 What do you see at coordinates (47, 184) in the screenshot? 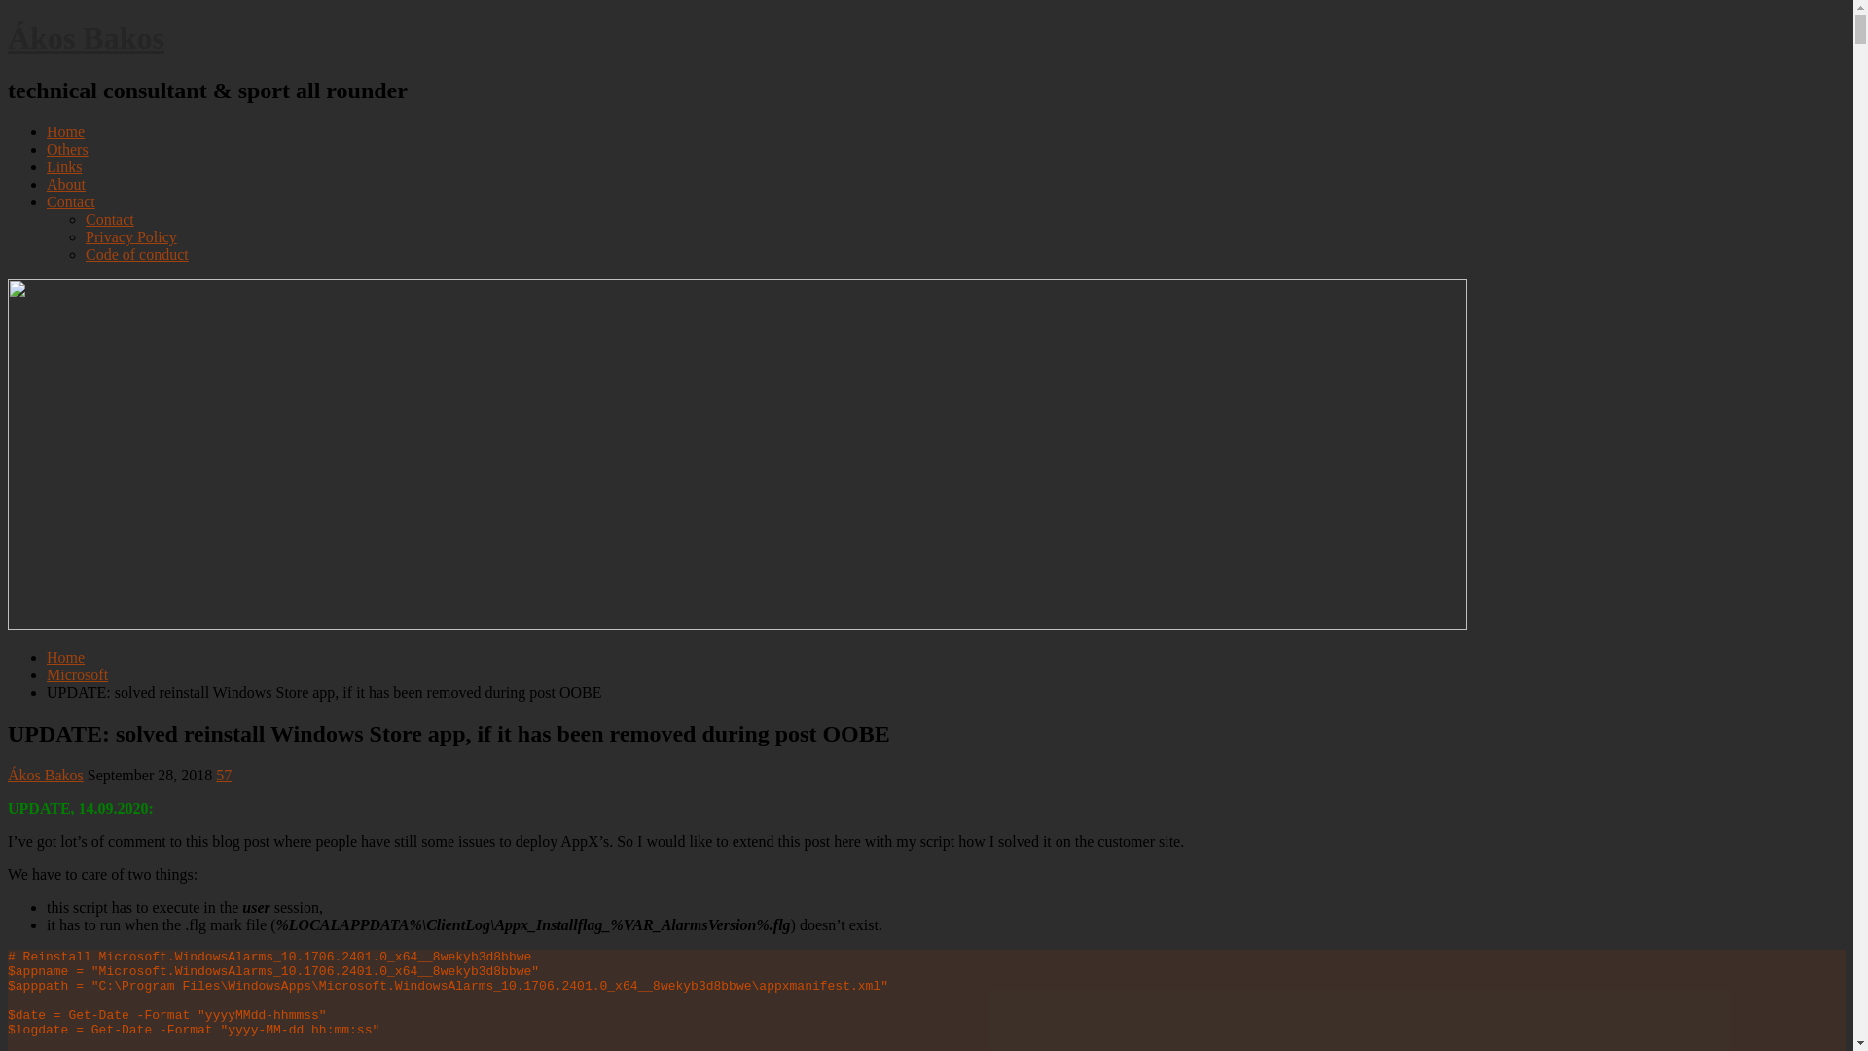
I see `'About'` at bounding box center [47, 184].